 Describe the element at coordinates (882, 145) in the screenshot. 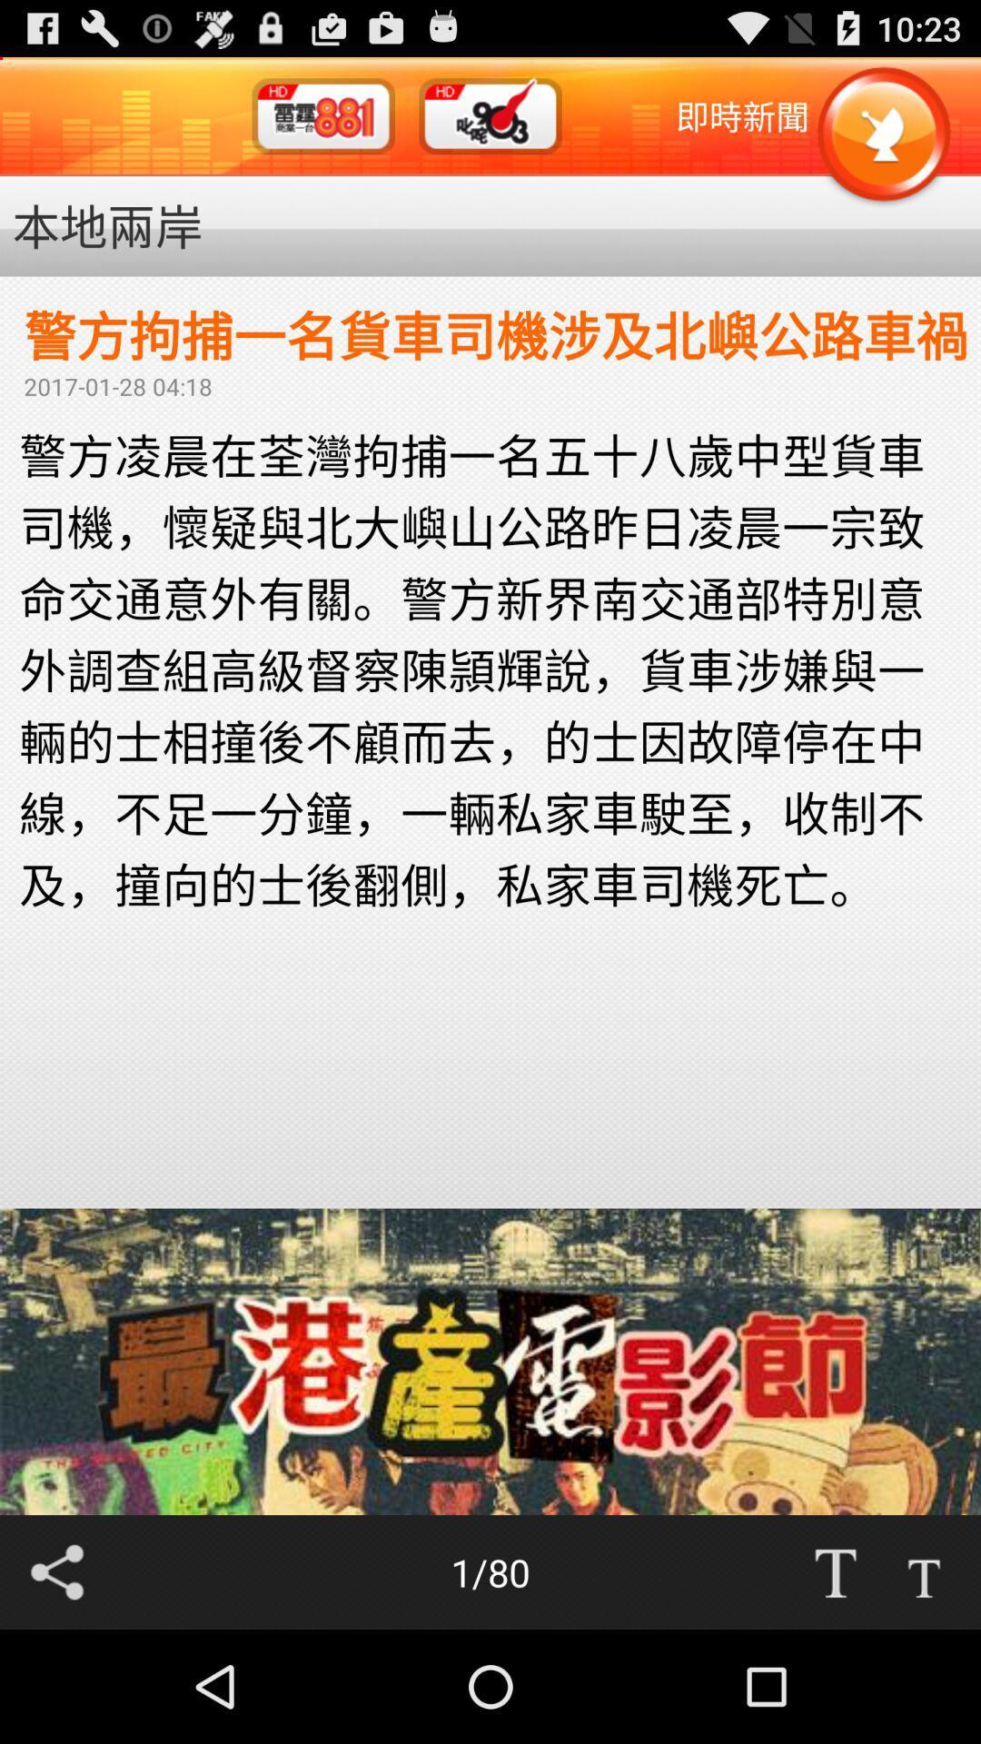

I see `the star icon` at that location.